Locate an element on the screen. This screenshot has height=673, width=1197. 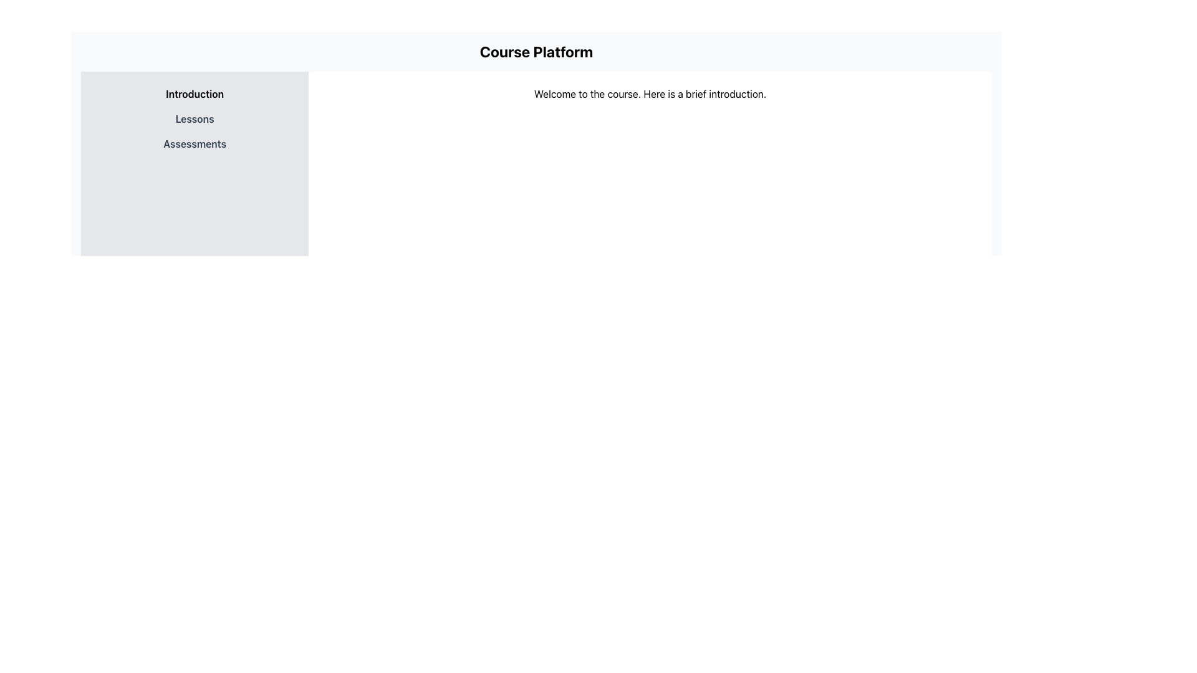
the 'Lessons' text menu item located in the left-aligned sidebar is located at coordinates (194, 119).